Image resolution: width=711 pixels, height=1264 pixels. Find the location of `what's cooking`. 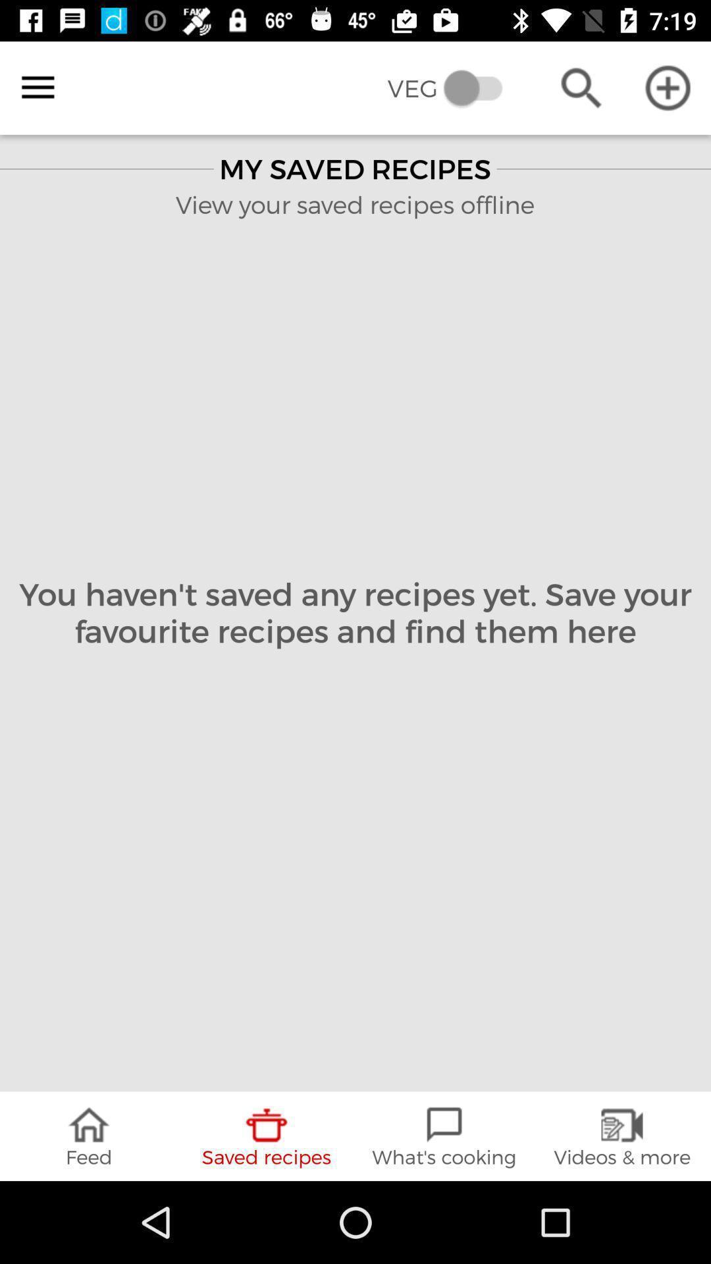

what's cooking is located at coordinates (444, 1136).